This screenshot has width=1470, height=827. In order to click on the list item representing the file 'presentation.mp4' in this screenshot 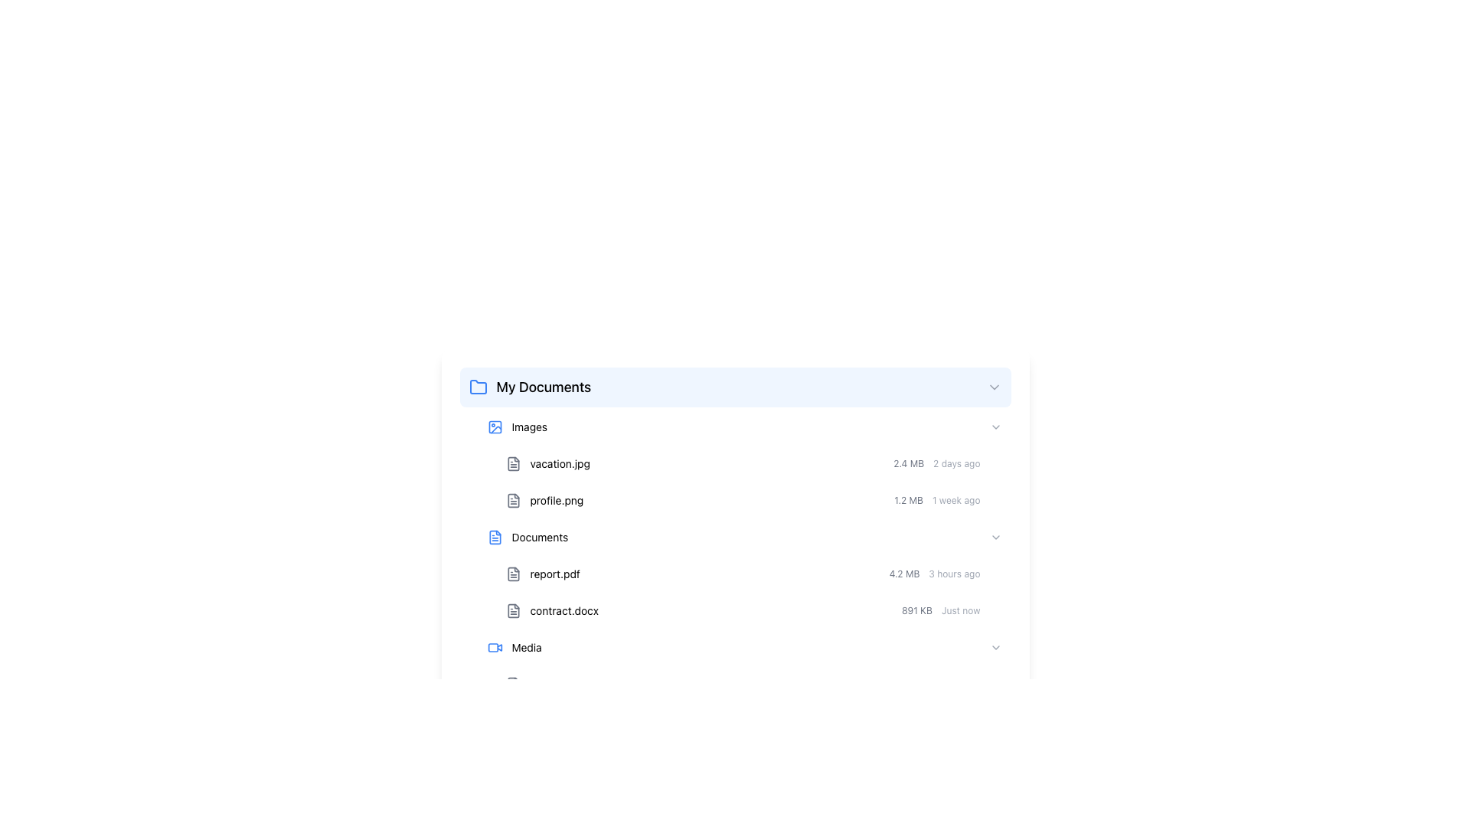, I will do `click(560, 684)`.